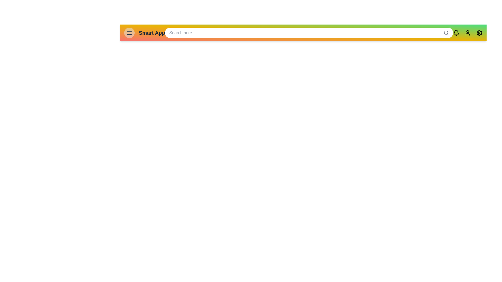  What do you see at coordinates (129, 33) in the screenshot?
I see `the menu button to open the navigation menu` at bounding box center [129, 33].